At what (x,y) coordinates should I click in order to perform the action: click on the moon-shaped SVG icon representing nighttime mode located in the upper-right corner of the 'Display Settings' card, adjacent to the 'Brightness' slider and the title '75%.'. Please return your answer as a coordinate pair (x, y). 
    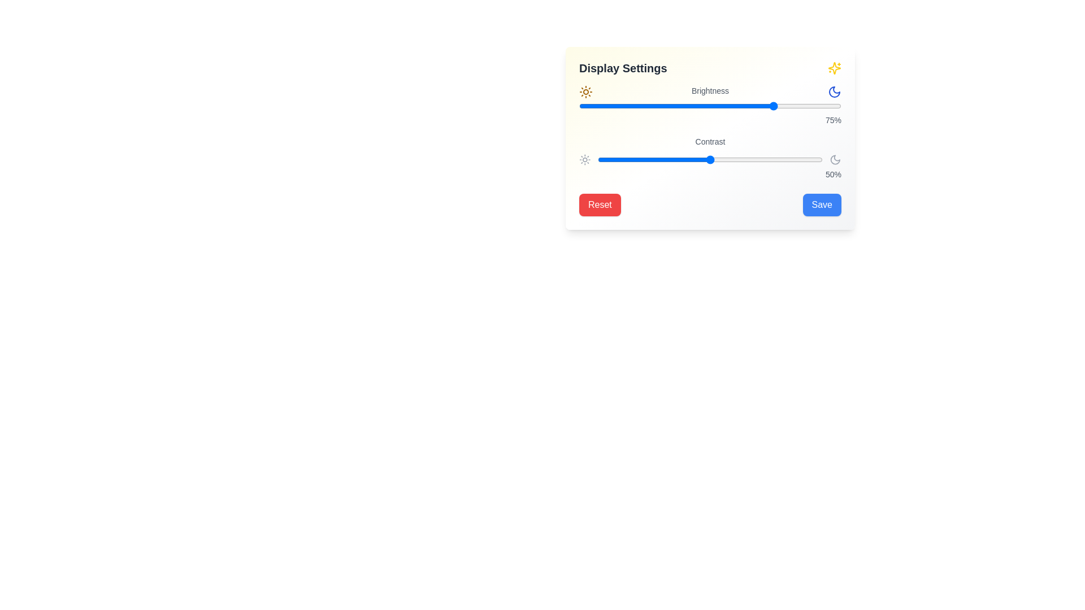
    Looking at the image, I should click on (835, 159).